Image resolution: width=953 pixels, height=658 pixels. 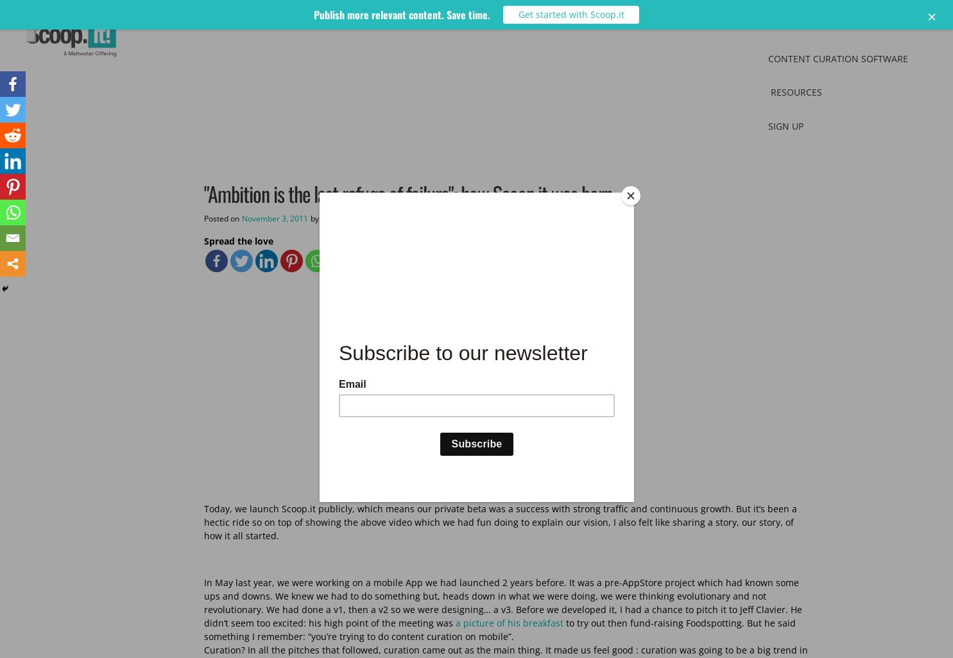 I want to click on 'Spread the love', so click(x=237, y=241).